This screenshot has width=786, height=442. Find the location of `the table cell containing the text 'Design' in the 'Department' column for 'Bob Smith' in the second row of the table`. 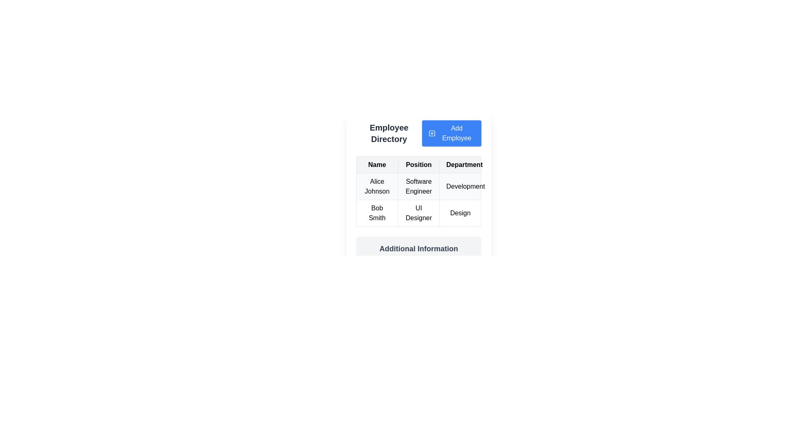

the table cell containing the text 'Design' in the 'Department' column for 'Bob Smith' in the second row of the table is located at coordinates (460, 212).